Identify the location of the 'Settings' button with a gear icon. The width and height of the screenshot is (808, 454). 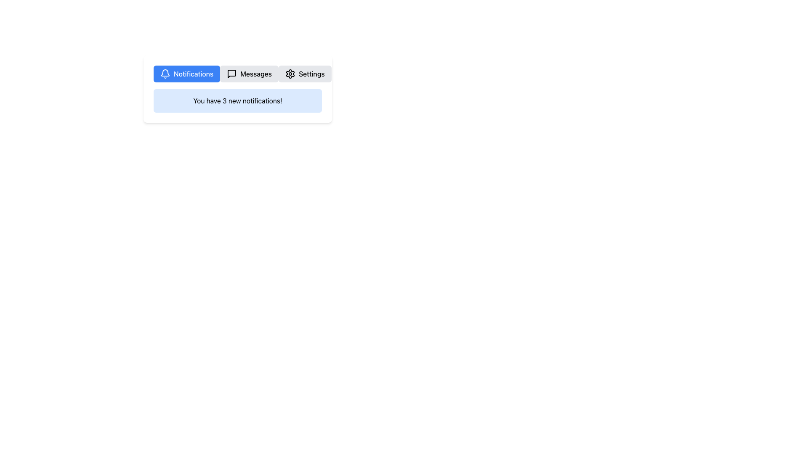
(304, 74).